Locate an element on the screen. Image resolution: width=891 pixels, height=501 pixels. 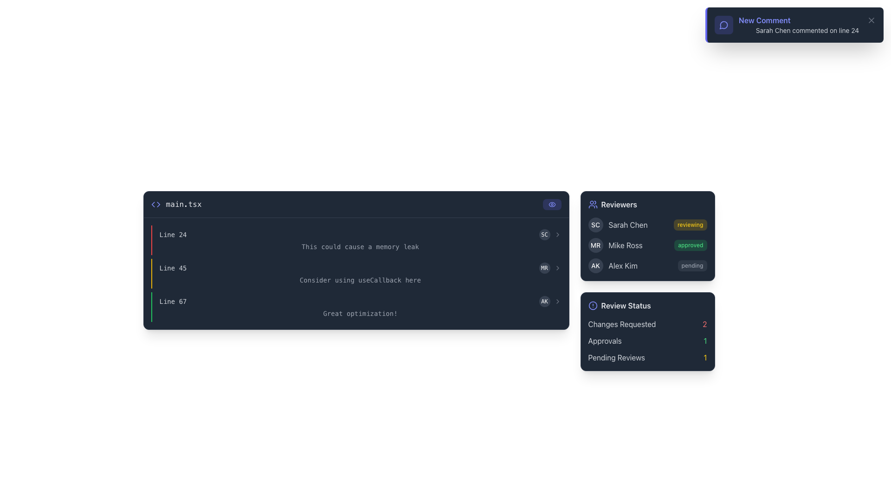
the Avatar (Badge) of the reviewer 'Mike Ross' located is located at coordinates (595, 244).